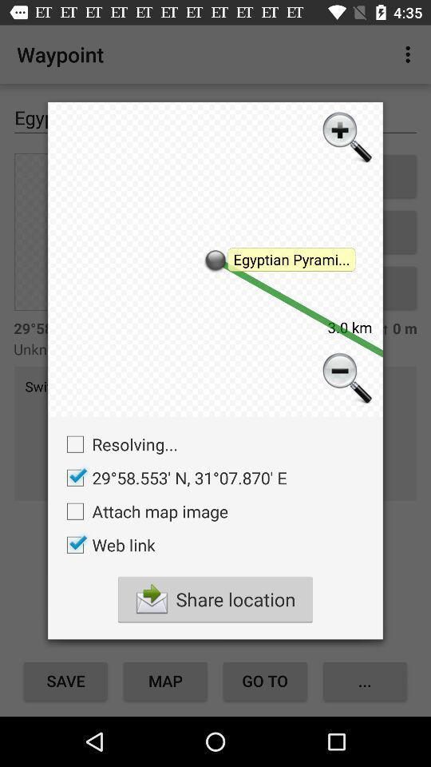 Image resolution: width=431 pixels, height=767 pixels. Describe the element at coordinates (117, 444) in the screenshot. I see `the icon above the 29 58 553 checkbox` at that location.